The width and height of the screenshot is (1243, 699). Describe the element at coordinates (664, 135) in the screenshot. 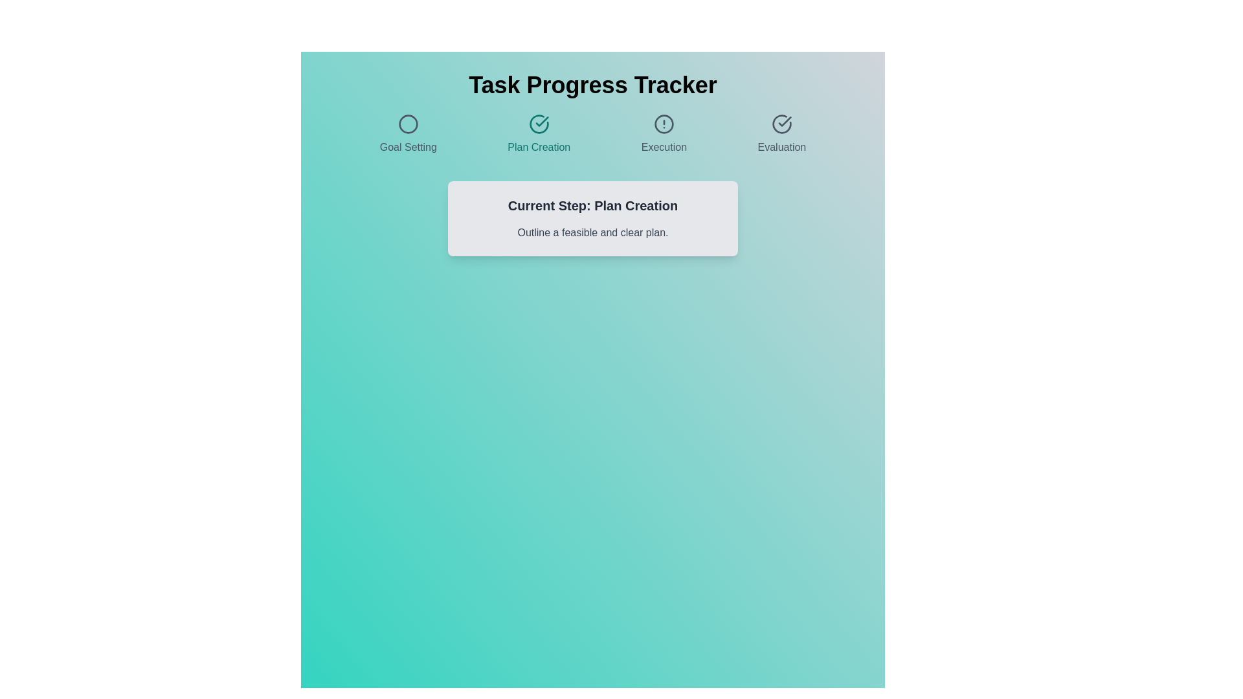

I see `the step title Execution to navigate to the corresponding step` at that location.